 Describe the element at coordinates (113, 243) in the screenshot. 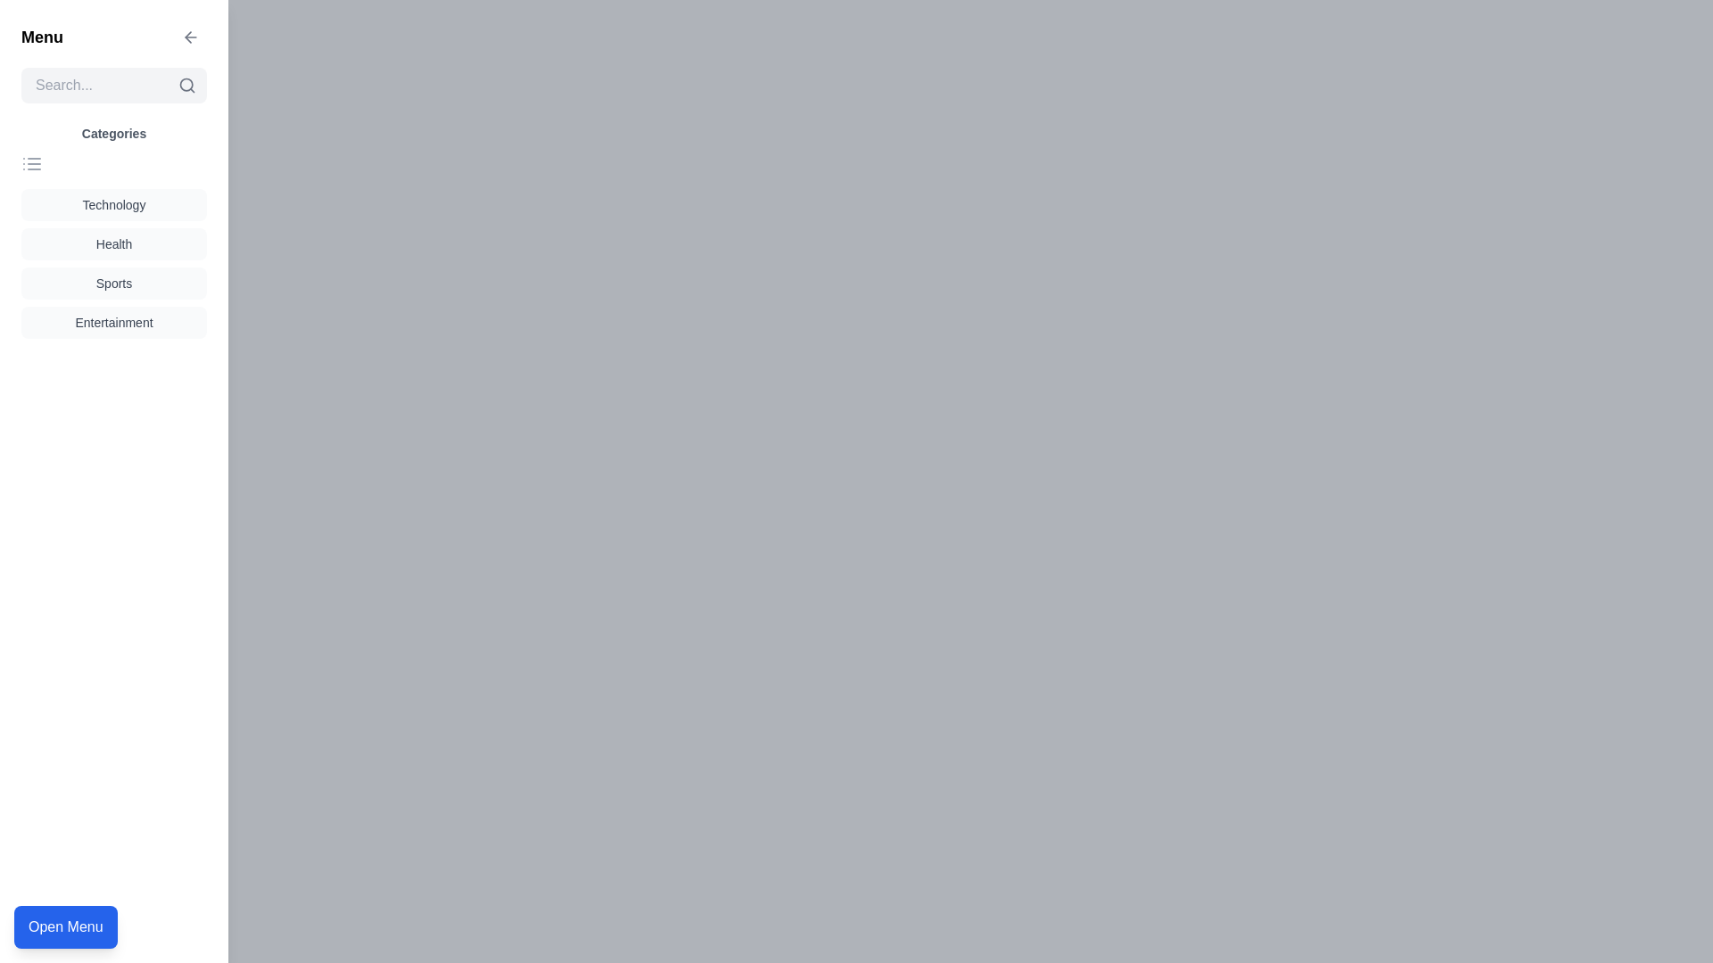

I see `the 'Health' button located in the left sidebar under the 'Categories' heading by` at that location.